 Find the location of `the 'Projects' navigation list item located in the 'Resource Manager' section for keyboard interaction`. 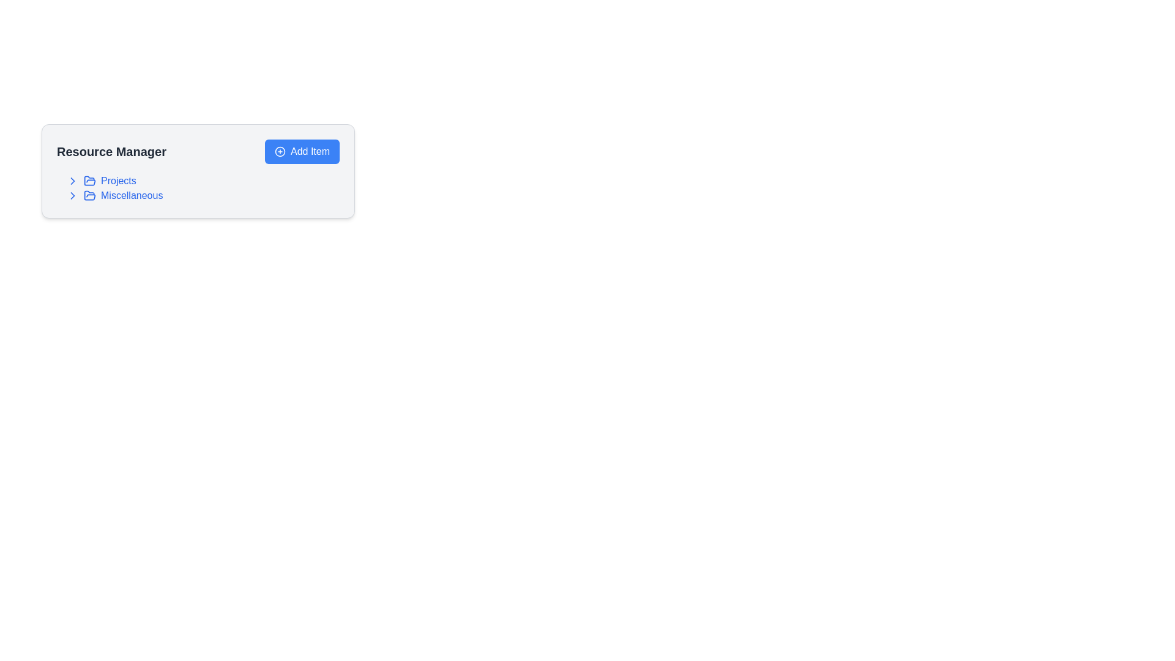

the 'Projects' navigation list item located in the 'Resource Manager' section for keyboard interaction is located at coordinates (203, 181).